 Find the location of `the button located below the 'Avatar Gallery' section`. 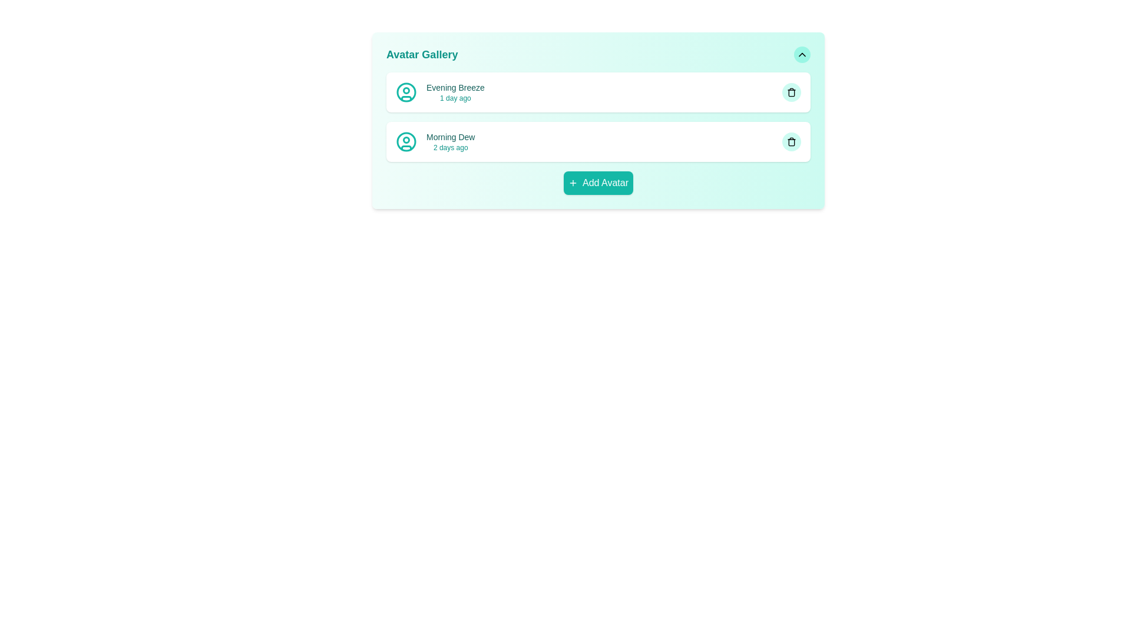

the button located below the 'Avatar Gallery' section is located at coordinates (598, 183).